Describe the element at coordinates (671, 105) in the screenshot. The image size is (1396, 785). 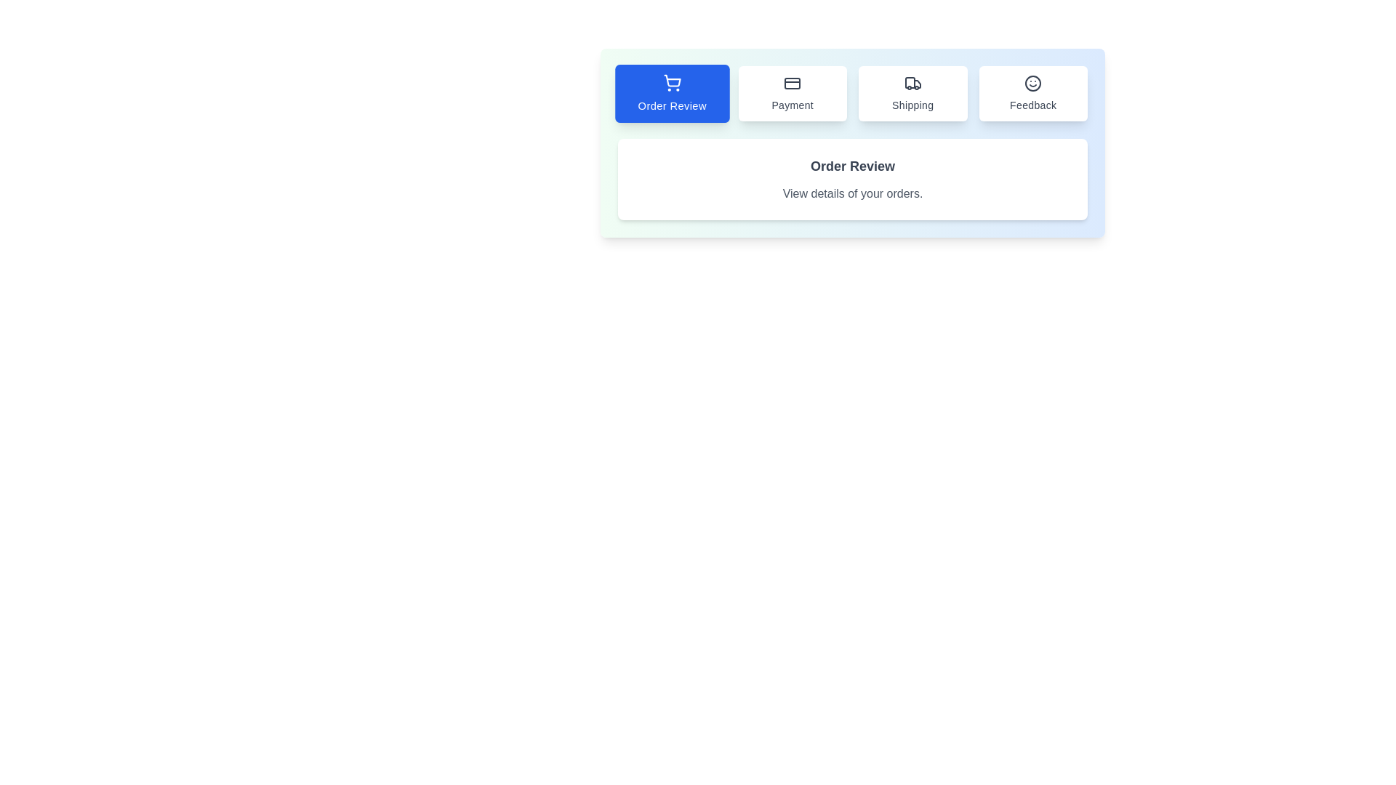
I see `the 'Order Review' text display element, which is styled with a medium font weight and small size, located at the bottom of its interactive card with a blue background` at that location.